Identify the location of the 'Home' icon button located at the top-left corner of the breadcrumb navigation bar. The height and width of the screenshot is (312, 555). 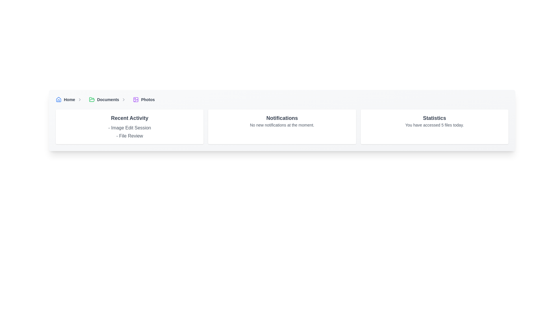
(58, 99).